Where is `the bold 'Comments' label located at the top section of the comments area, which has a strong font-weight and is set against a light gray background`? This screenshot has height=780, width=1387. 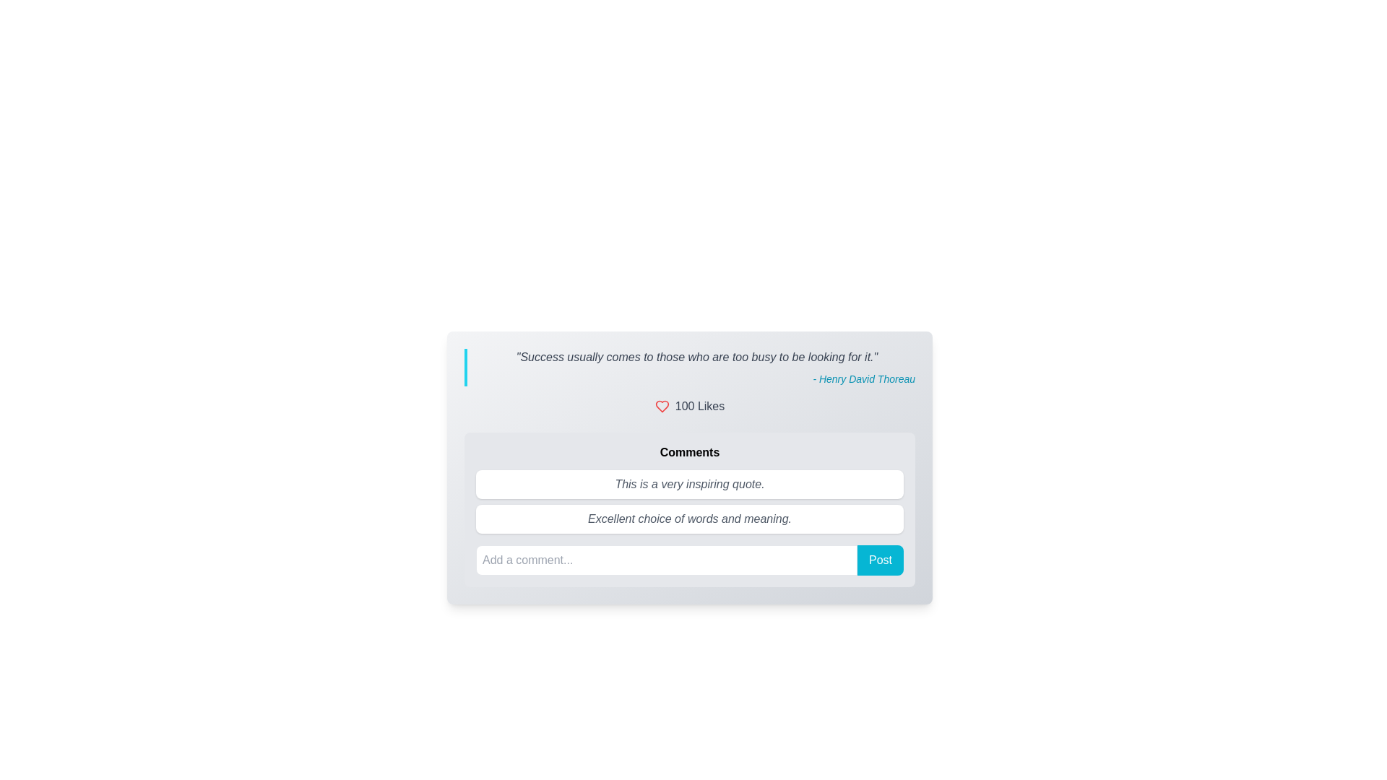
the bold 'Comments' label located at the top section of the comments area, which has a strong font-weight and is set against a light gray background is located at coordinates (689, 452).